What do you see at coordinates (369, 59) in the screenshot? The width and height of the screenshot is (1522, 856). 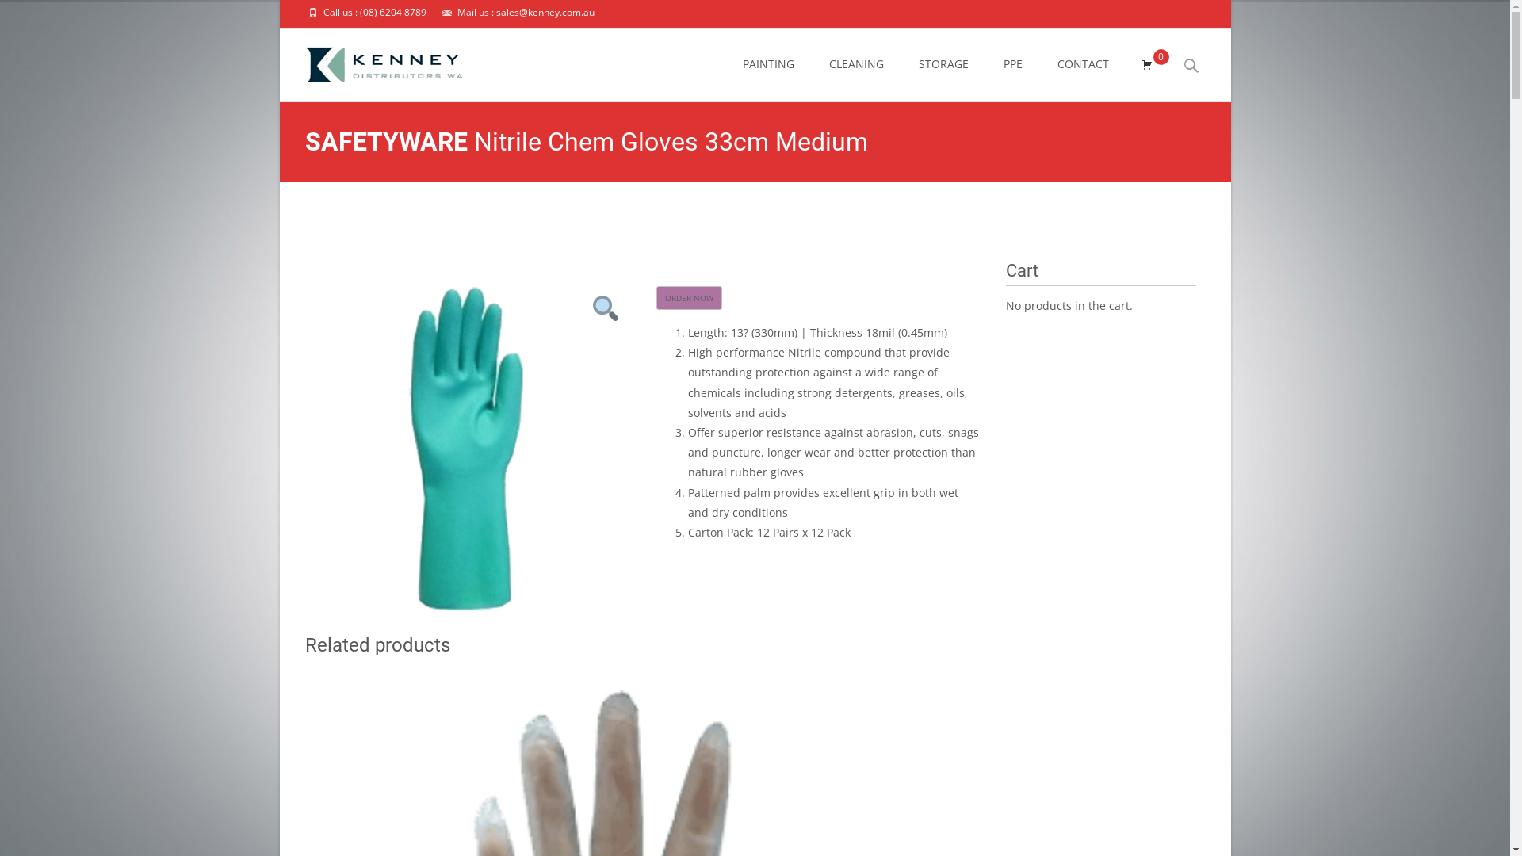 I see `'Kenney Distributors WA'` at bounding box center [369, 59].